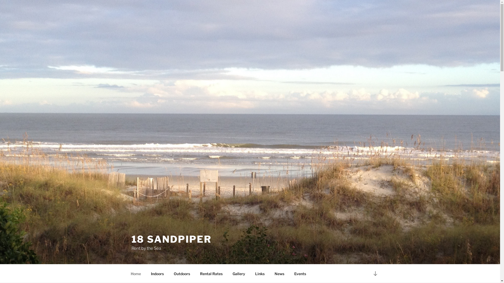  What do you see at coordinates (136, 273) in the screenshot?
I see `'Home'` at bounding box center [136, 273].